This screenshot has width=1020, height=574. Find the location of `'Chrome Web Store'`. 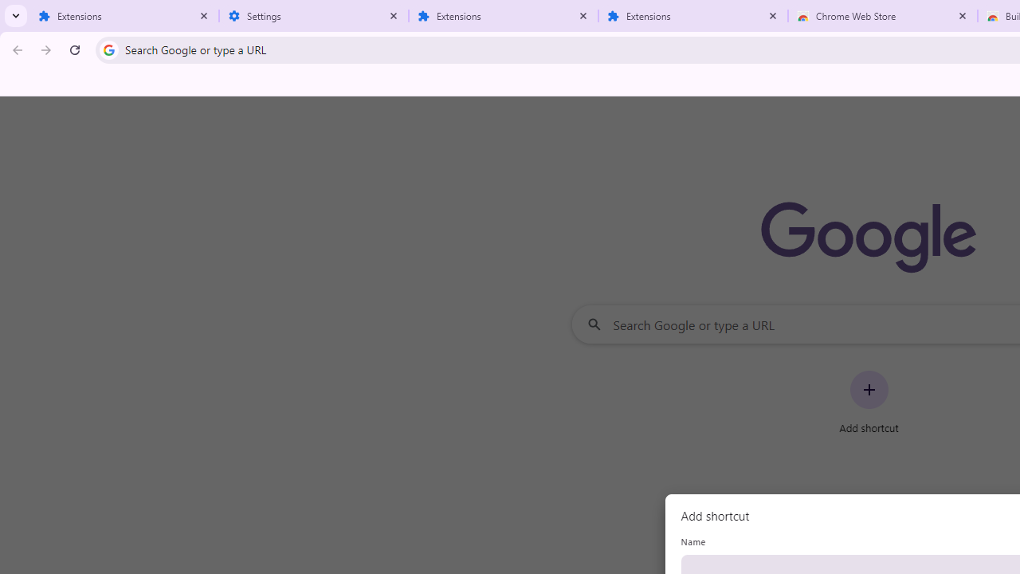

'Chrome Web Store' is located at coordinates (882, 16).